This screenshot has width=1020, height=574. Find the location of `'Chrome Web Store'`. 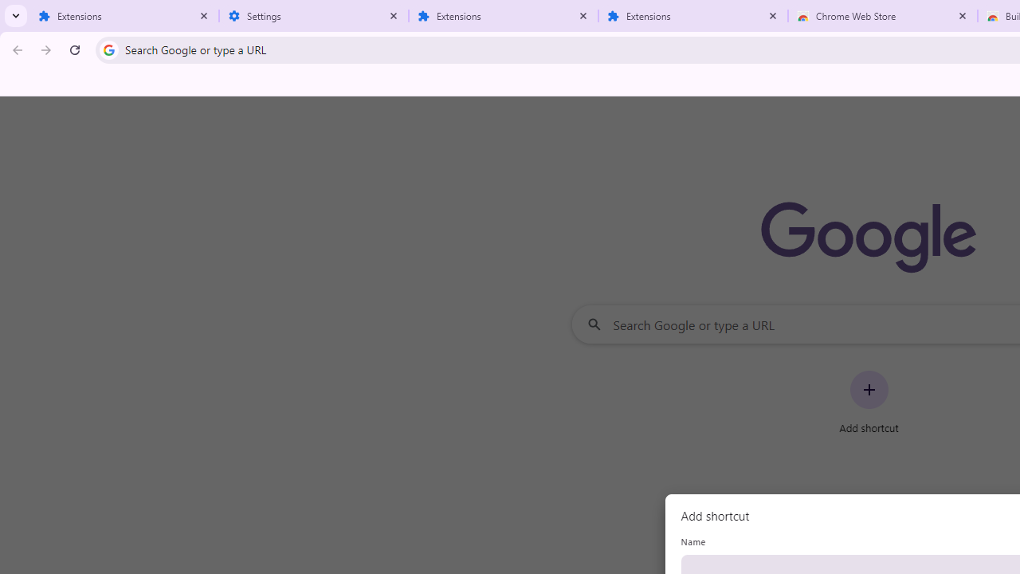

'Chrome Web Store' is located at coordinates (882, 16).